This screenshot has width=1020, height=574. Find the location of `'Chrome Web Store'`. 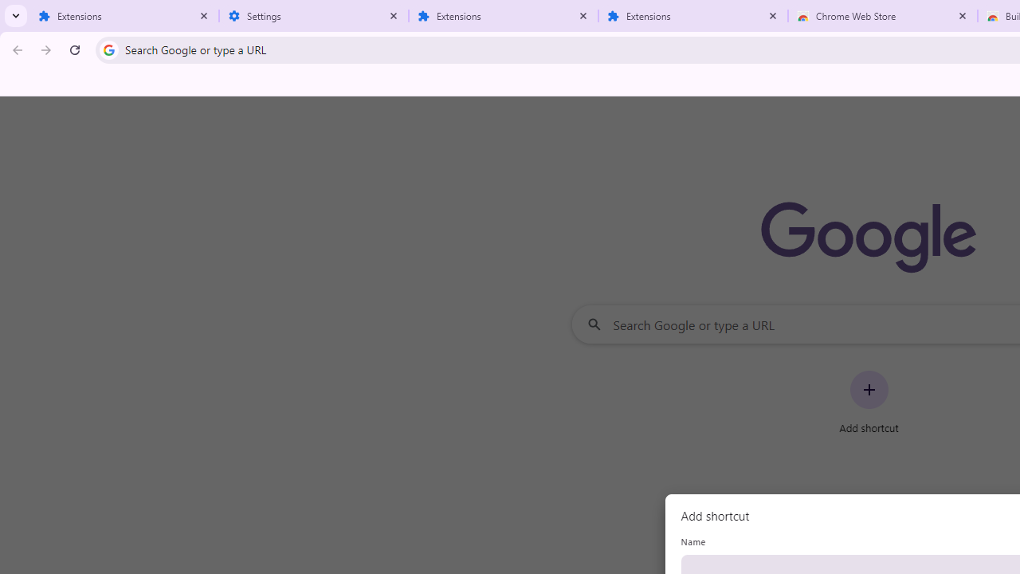

'Chrome Web Store' is located at coordinates (882, 16).